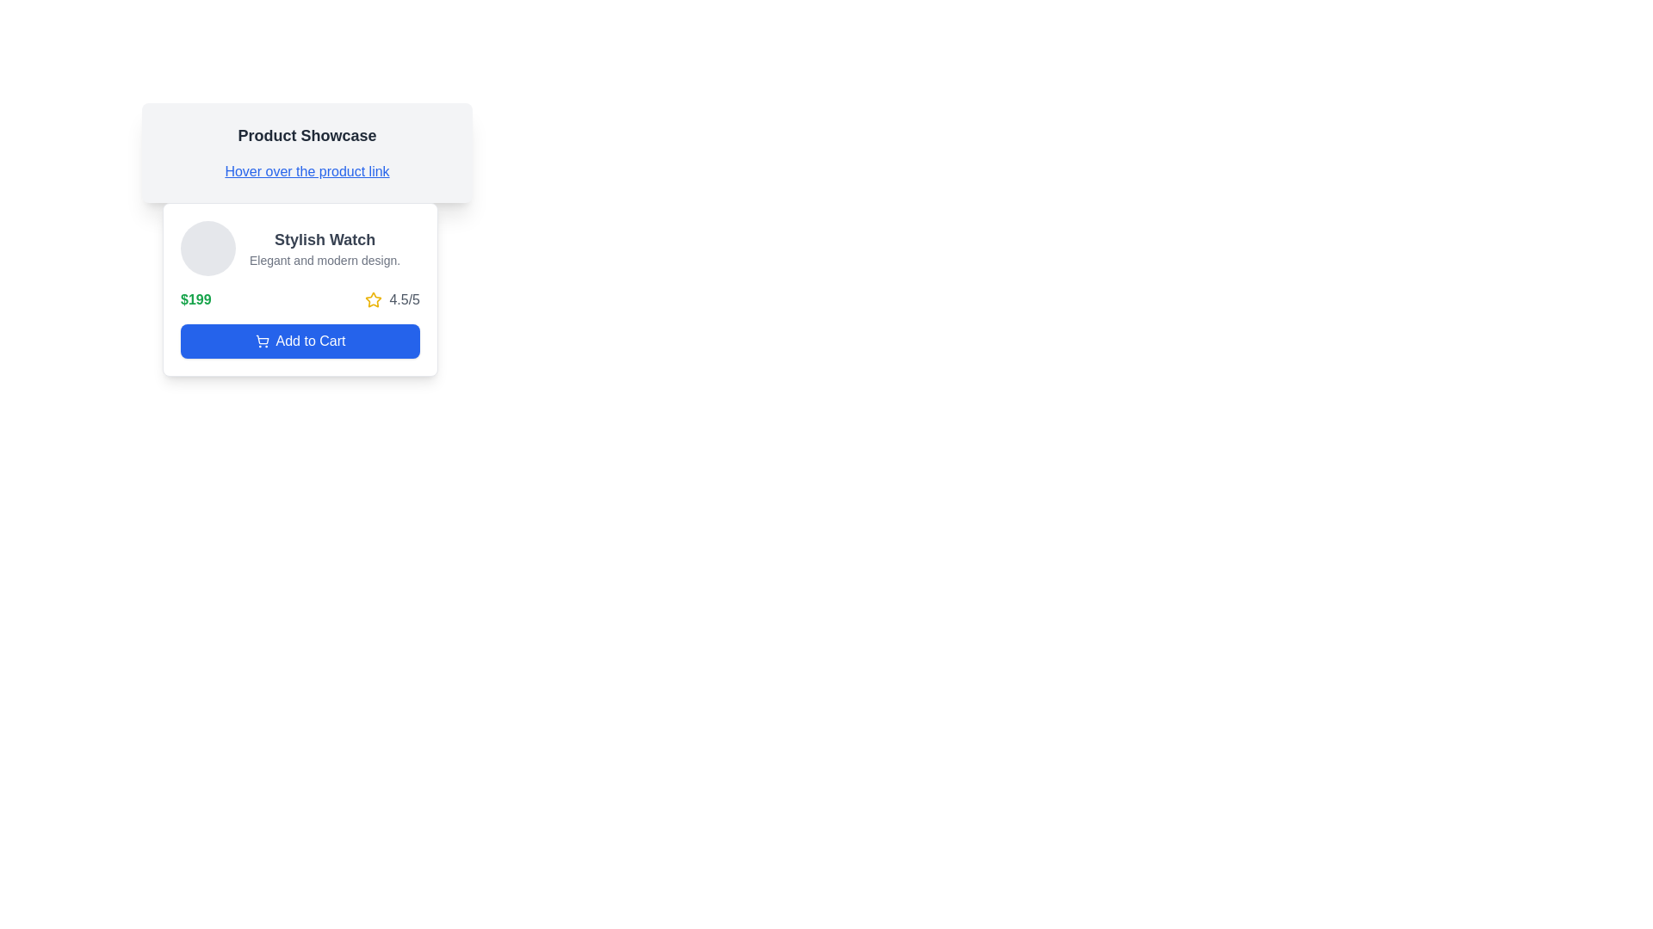 This screenshot has height=929, width=1653. What do you see at coordinates (373, 298) in the screenshot?
I see `the yellow star-shaped icon located in the rating section of the card, positioned to the left of the rating value '4.5/5'` at bounding box center [373, 298].